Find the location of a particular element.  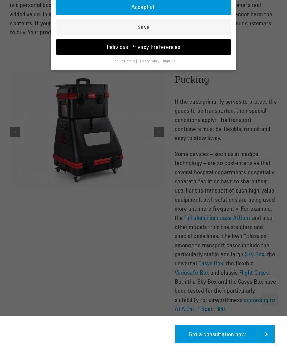

'.' is located at coordinates (225, 308).